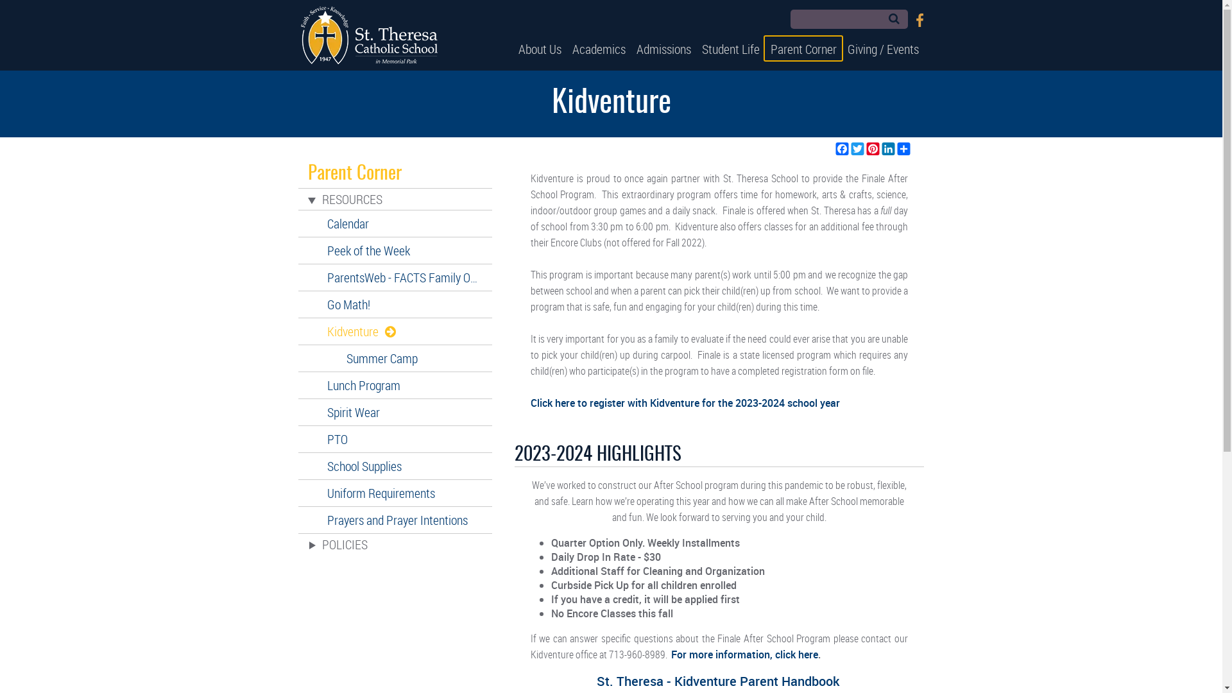  What do you see at coordinates (872, 148) in the screenshot?
I see `'Pinterest'` at bounding box center [872, 148].